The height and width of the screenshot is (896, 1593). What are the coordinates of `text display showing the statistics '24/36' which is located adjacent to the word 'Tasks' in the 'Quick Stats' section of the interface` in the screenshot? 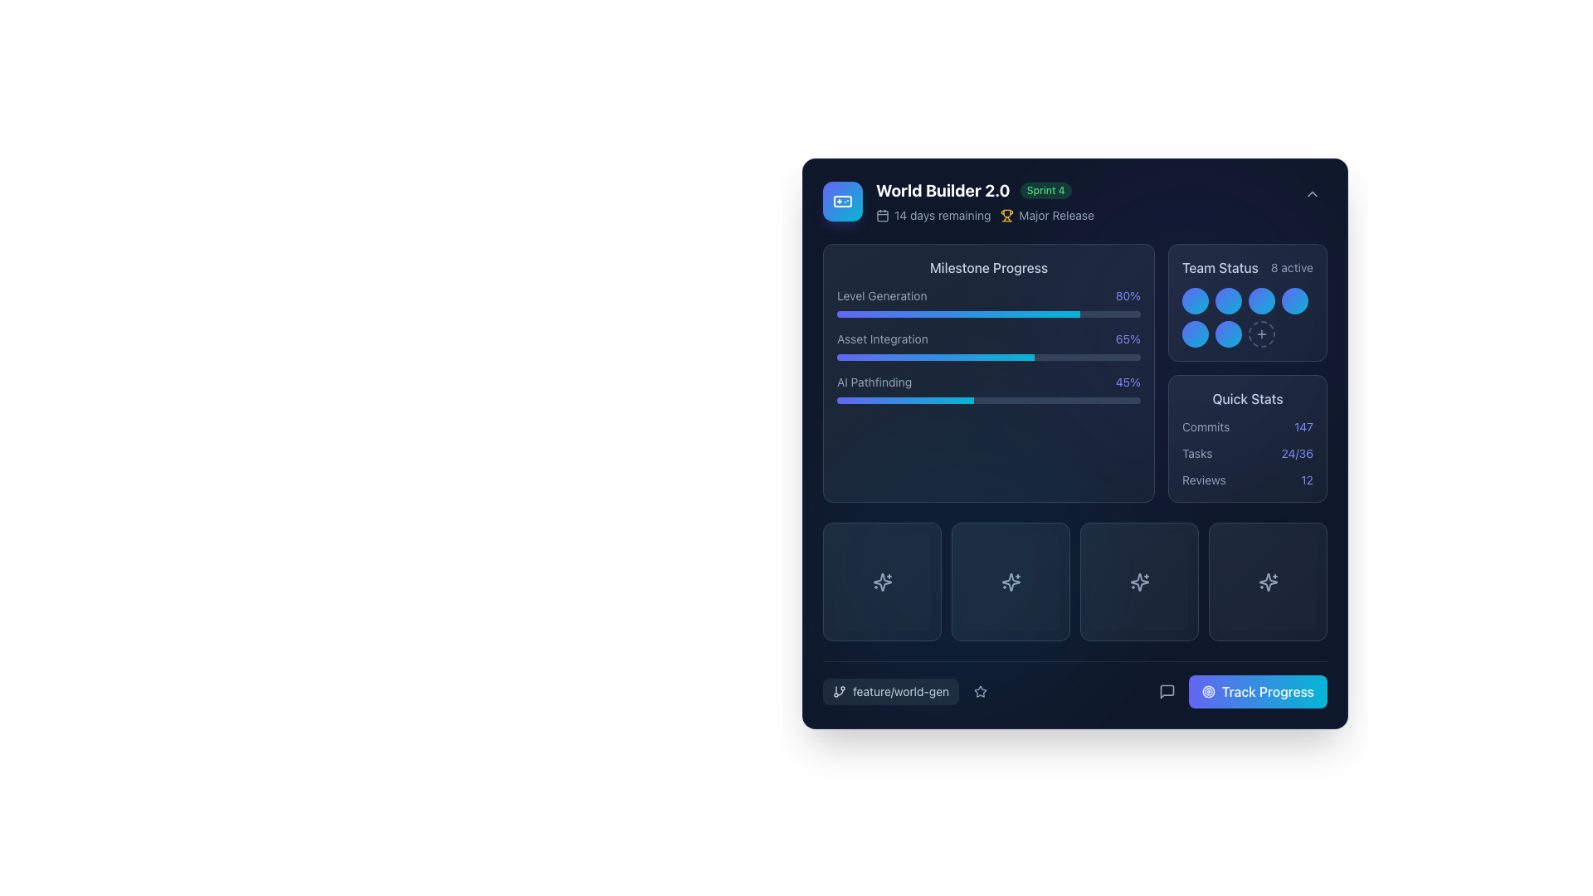 It's located at (1296, 454).